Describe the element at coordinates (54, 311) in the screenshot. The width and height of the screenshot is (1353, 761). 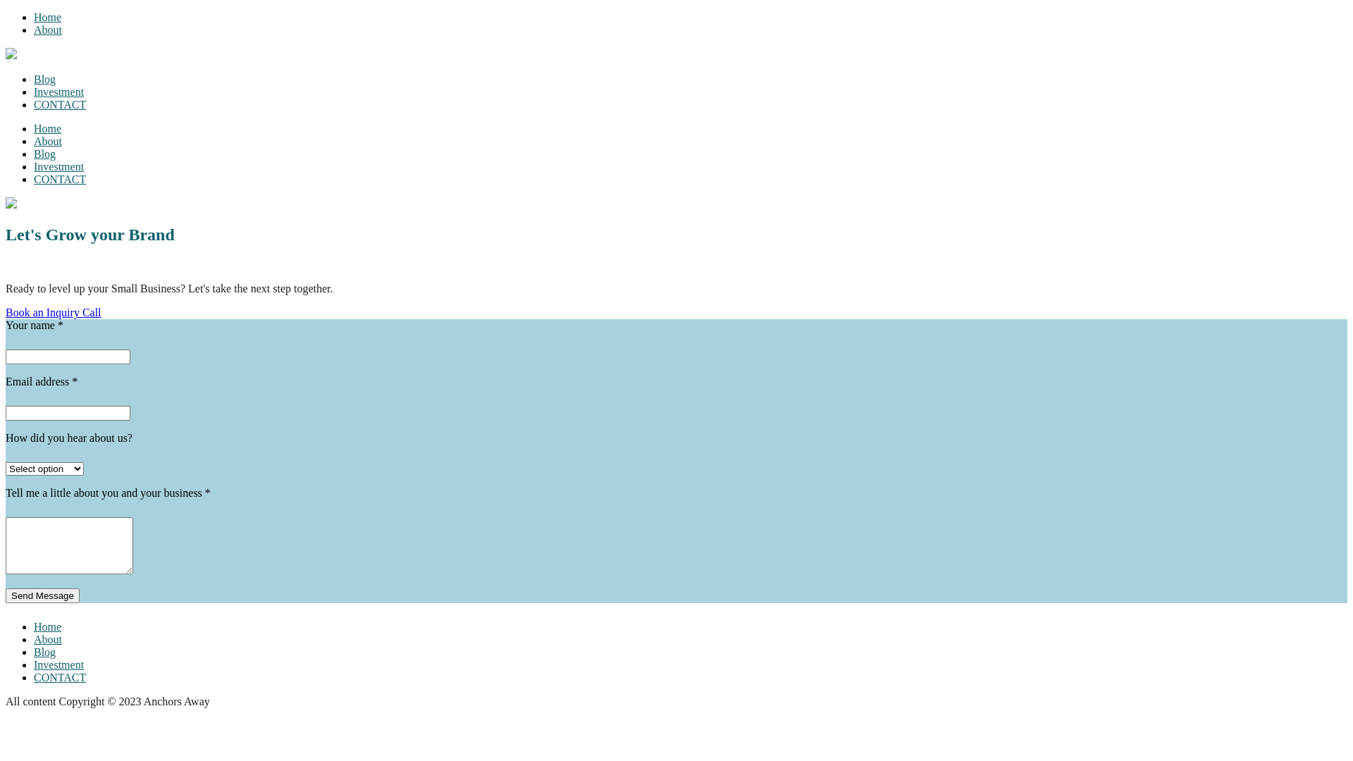
I see `'Book an Inquiry Call'` at that location.